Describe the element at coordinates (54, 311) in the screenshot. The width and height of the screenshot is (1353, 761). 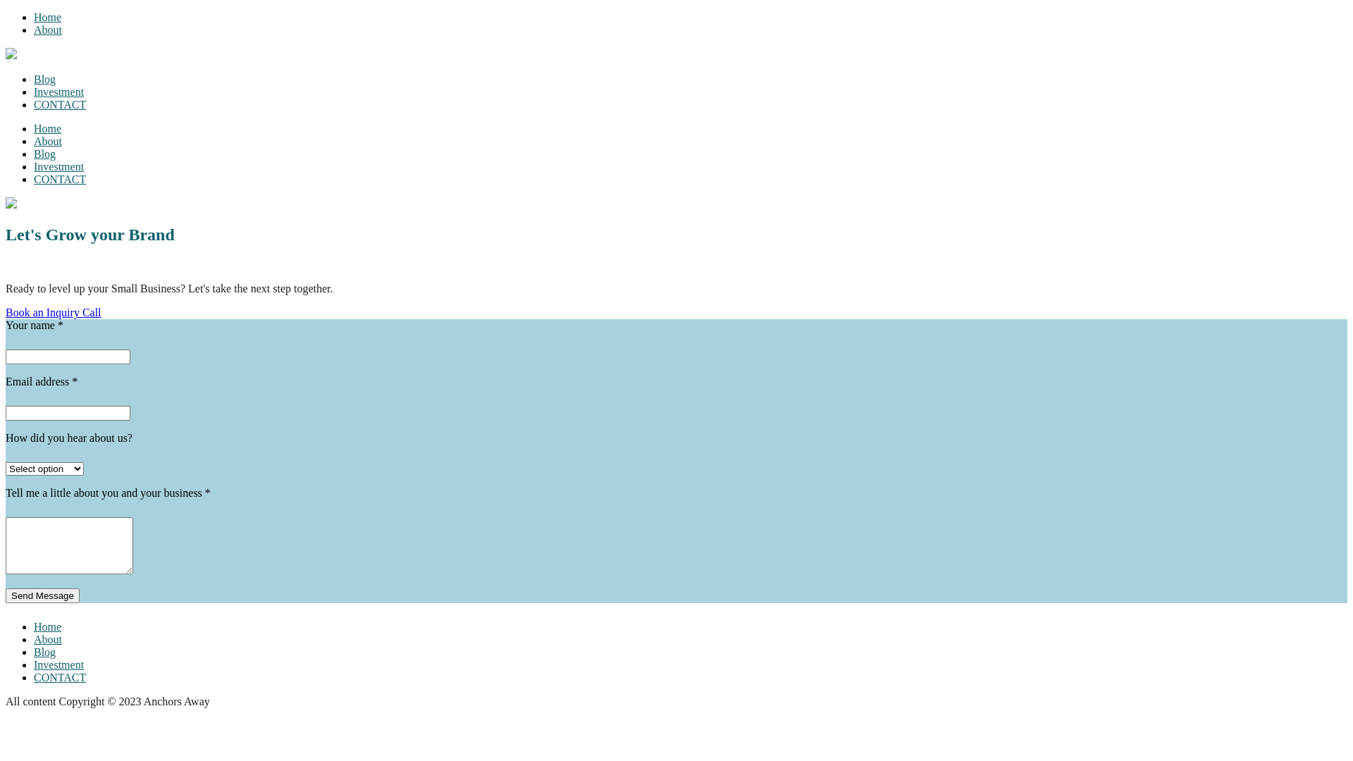
I see `'Book an Inquiry Call'` at that location.